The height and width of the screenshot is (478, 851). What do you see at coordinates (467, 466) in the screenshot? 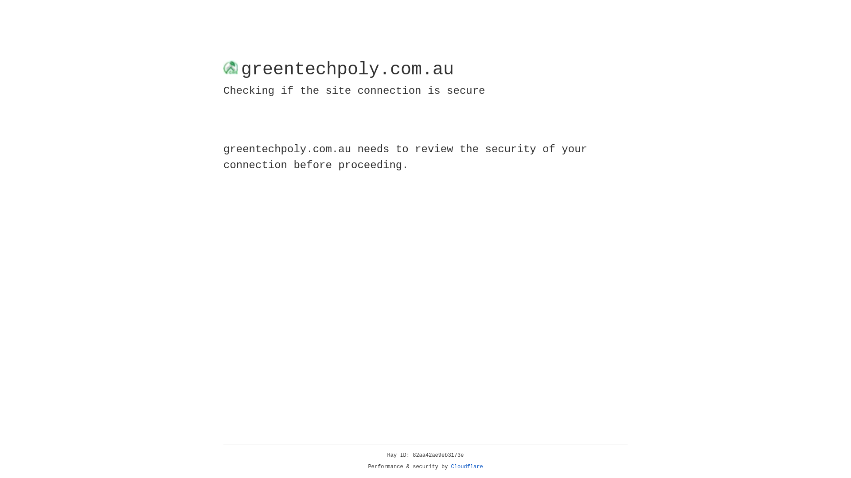
I see `'Cloudflare'` at bounding box center [467, 466].